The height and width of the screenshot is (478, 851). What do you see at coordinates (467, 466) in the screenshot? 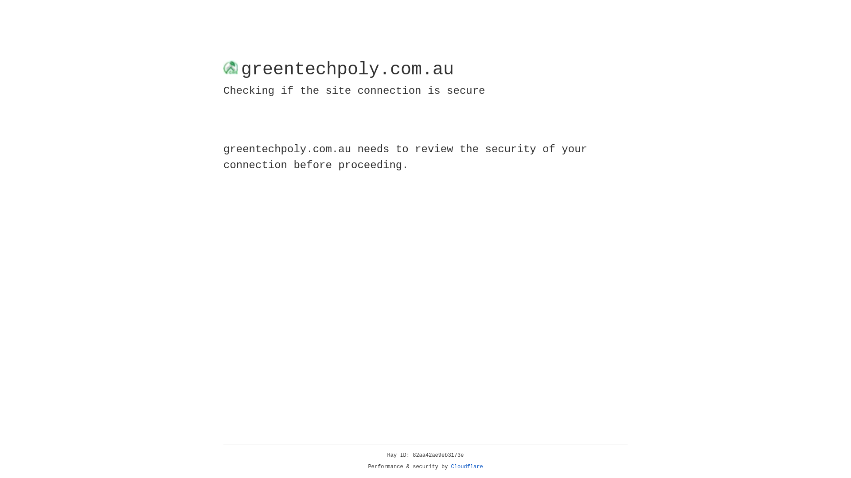
I see `'Cloudflare'` at bounding box center [467, 466].